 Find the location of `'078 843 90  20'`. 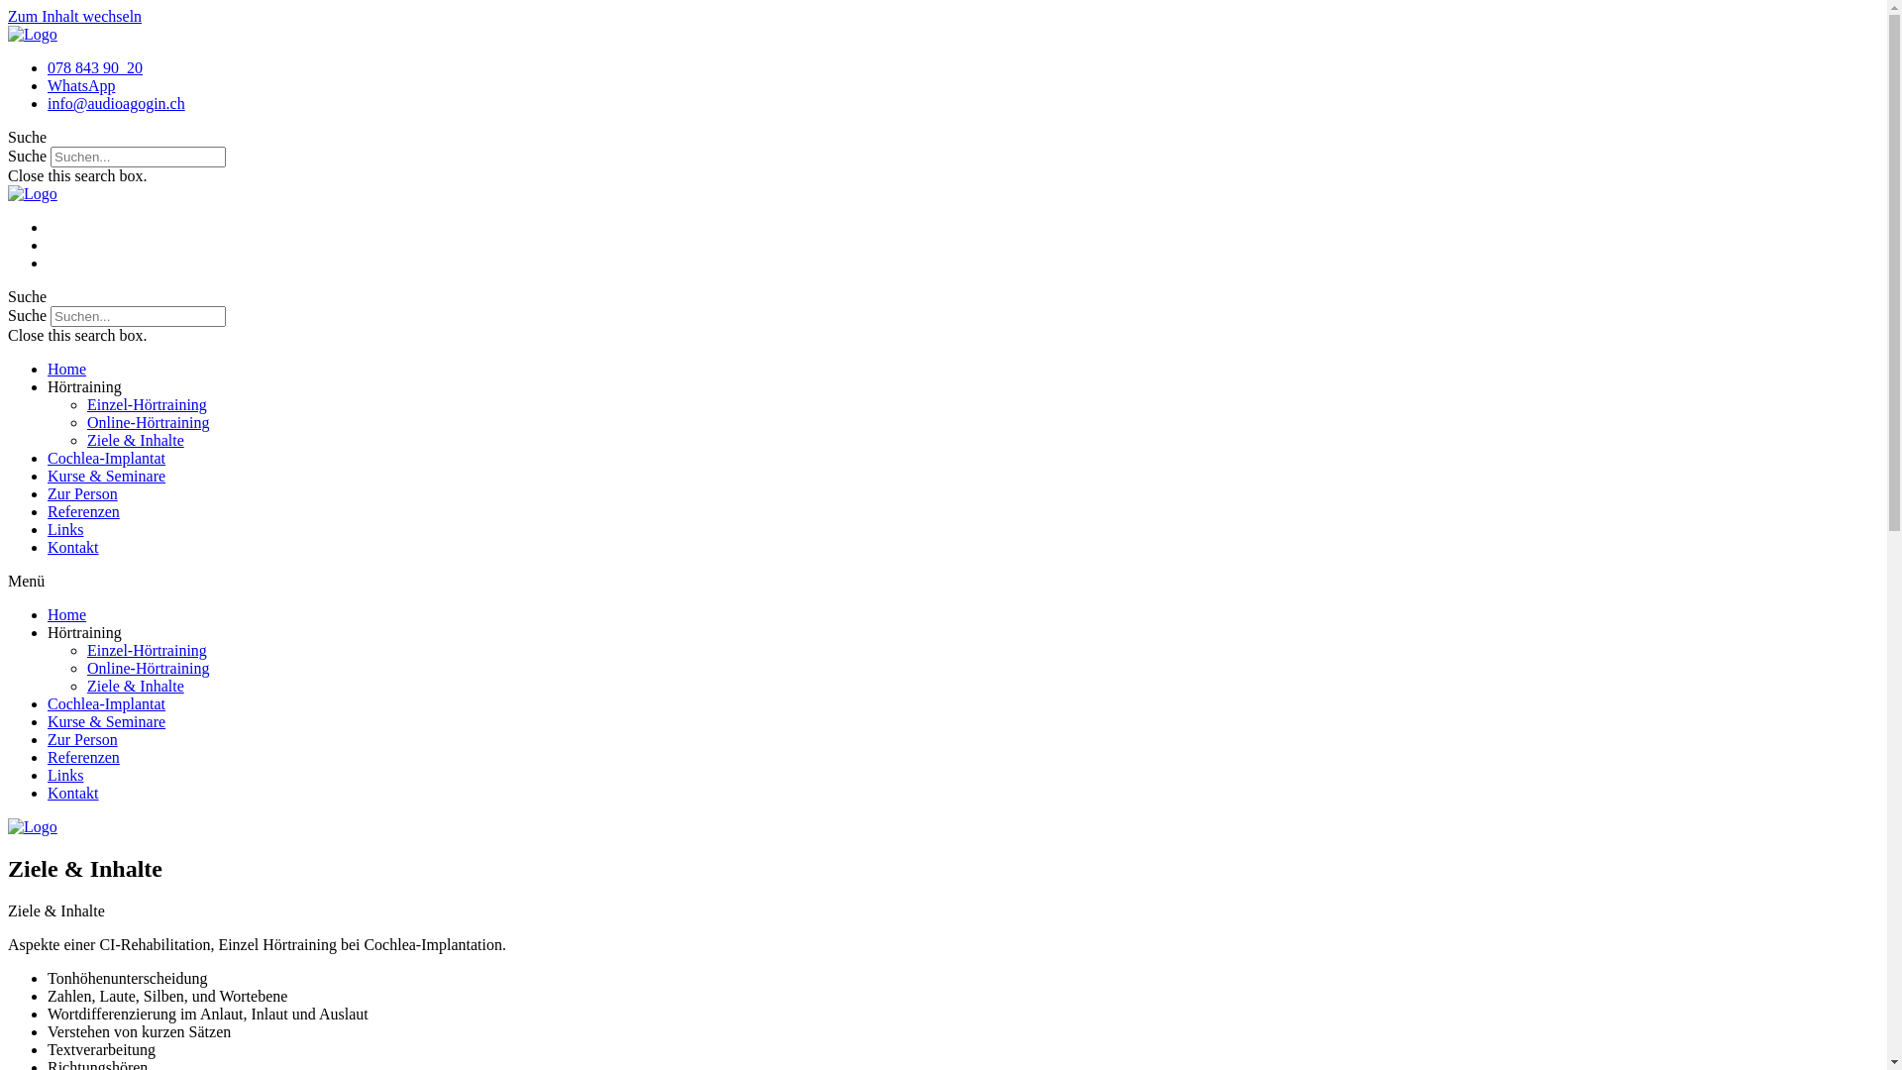

'078 843 90  20' is located at coordinates (94, 66).